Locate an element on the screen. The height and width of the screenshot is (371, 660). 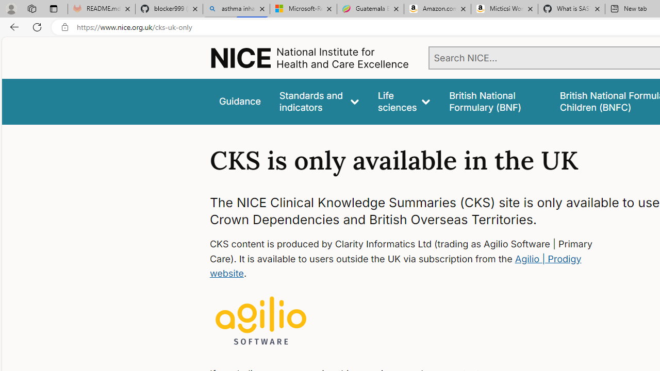
'View site information' is located at coordinates (64, 27).